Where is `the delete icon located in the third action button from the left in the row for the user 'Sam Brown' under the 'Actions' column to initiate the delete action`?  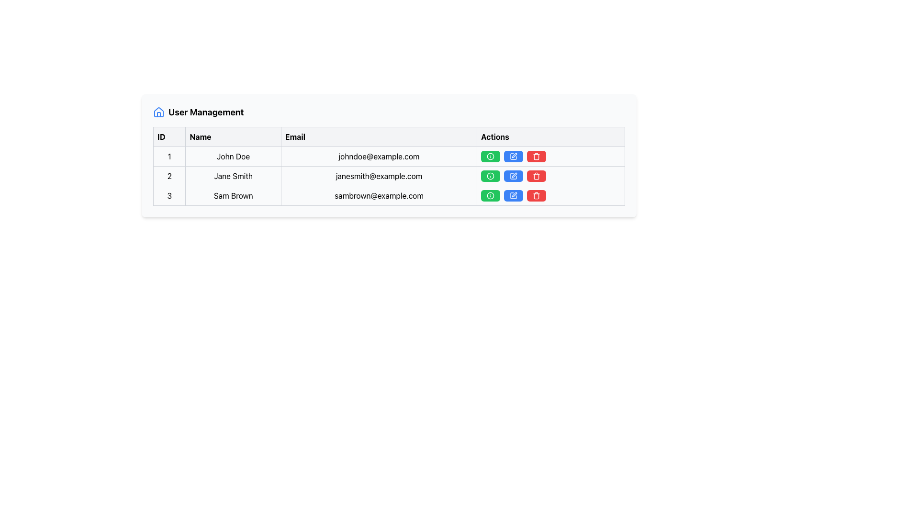
the delete icon located in the third action button from the left in the row for the user 'Sam Brown' under the 'Actions' column to initiate the delete action is located at coordinates (537, 156).